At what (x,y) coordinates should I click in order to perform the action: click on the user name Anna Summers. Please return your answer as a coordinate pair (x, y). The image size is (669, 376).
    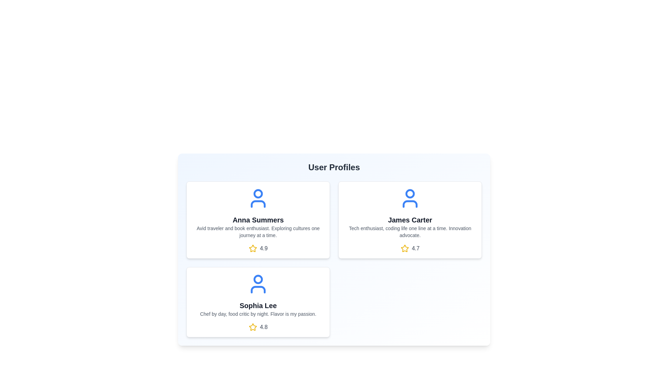
    Looking at the image, I should click on (257, 220).